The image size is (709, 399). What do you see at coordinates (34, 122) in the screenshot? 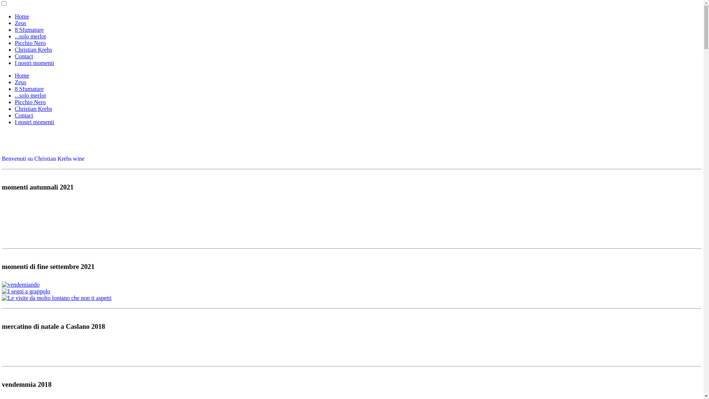
I see `'I nostri momenti'` at bounding box center [34, 122].